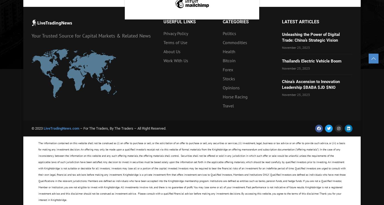 The width and height of the screenshot is (384, 205). Describe the element at coordinates (179, 21) in the screenshot. I see `'Userful Links'` at that location.